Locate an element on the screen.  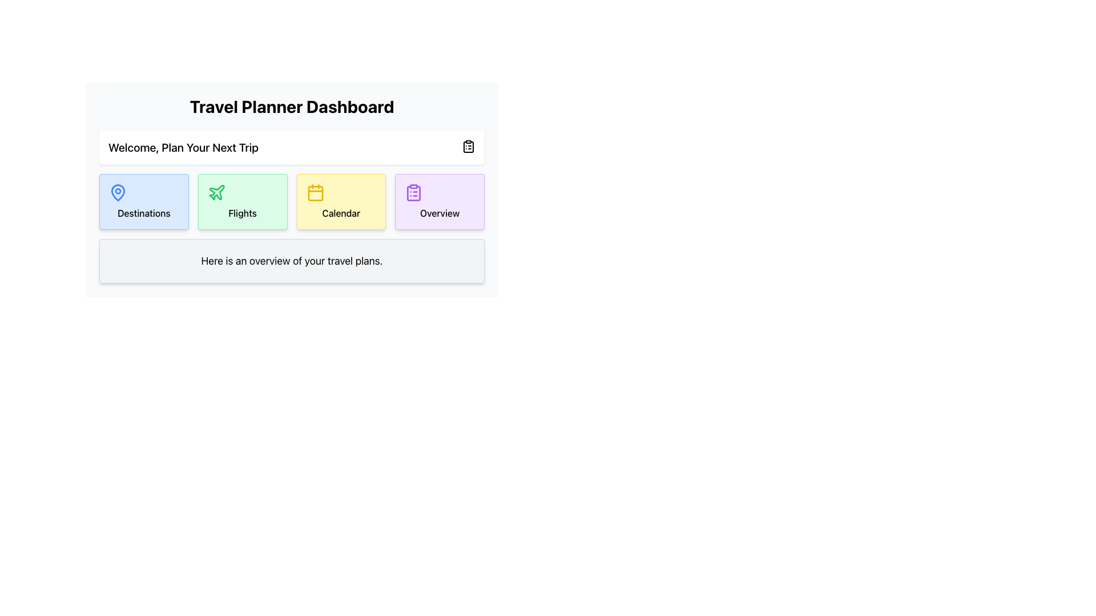
text label displaying 'Calendar' which is styled with a medium font weight and is located within a distinct yellow background is located at coordinates (340, 213).